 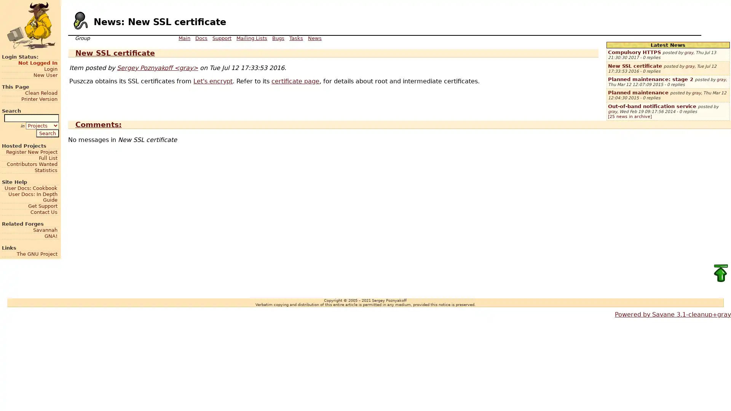 I want to click on Search, so click(x=47, y=132).